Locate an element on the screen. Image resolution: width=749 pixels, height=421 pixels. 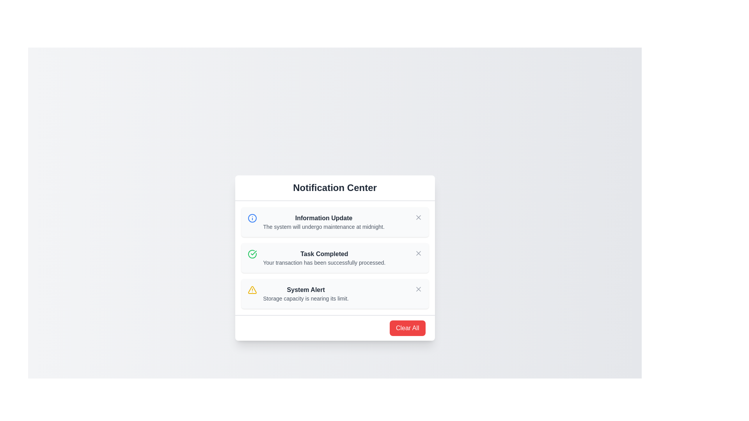
the static text label reading 'Task Completed' which is styled with bold font and dark gray color, located in the center of the middle notification card in a vertically aligned notification panel is located at coordinates (324, 254).